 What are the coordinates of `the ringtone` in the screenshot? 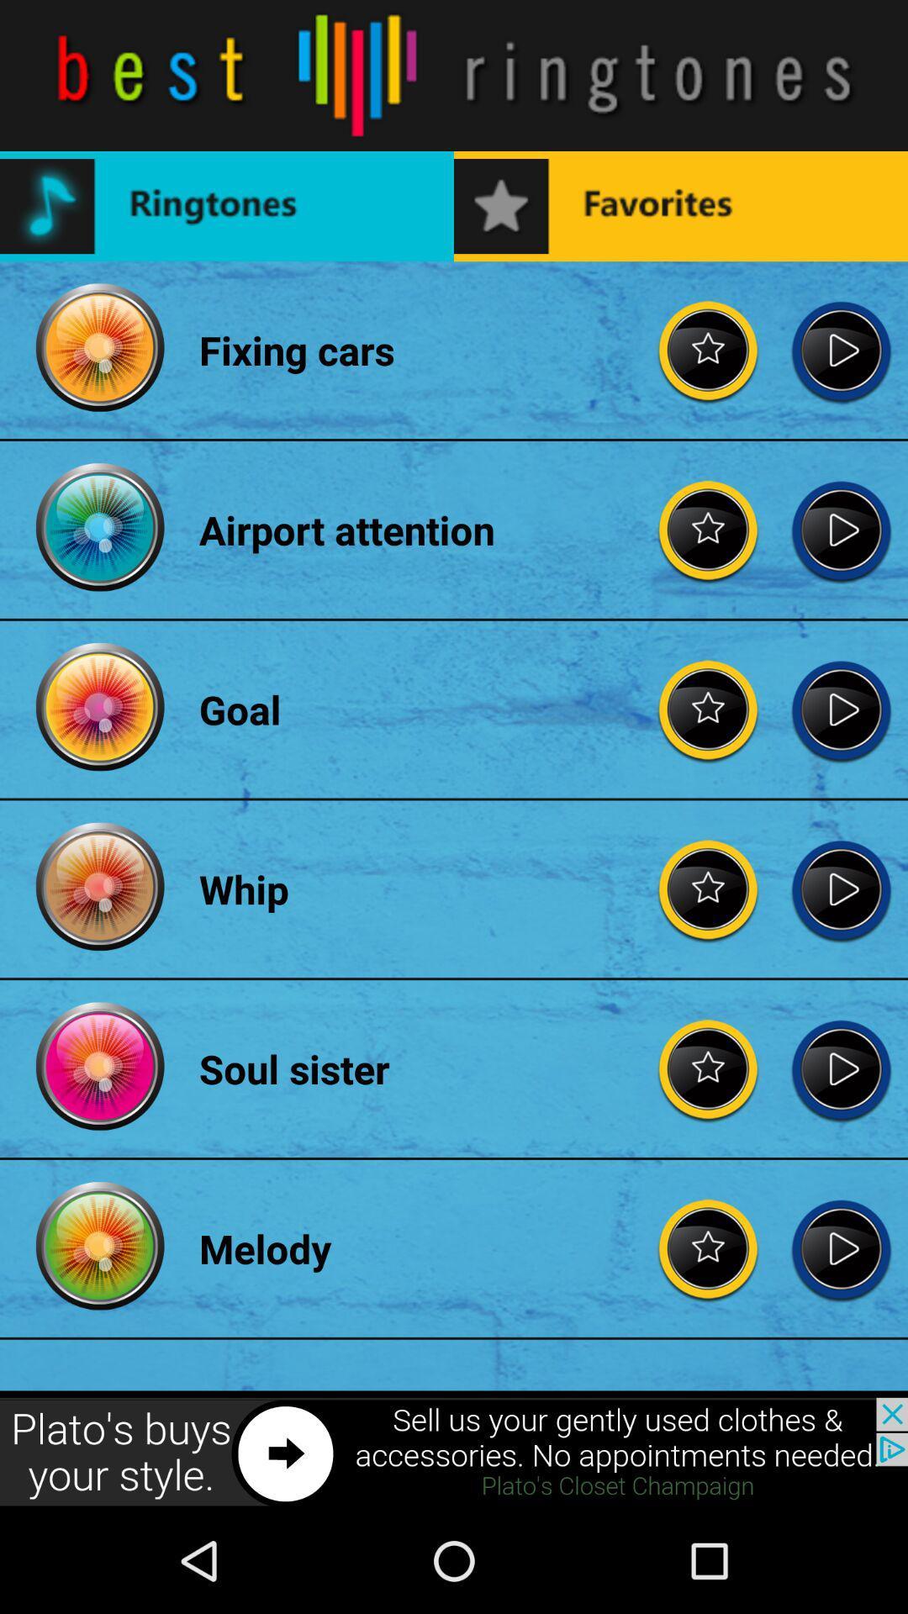 It's located at (841, 709).